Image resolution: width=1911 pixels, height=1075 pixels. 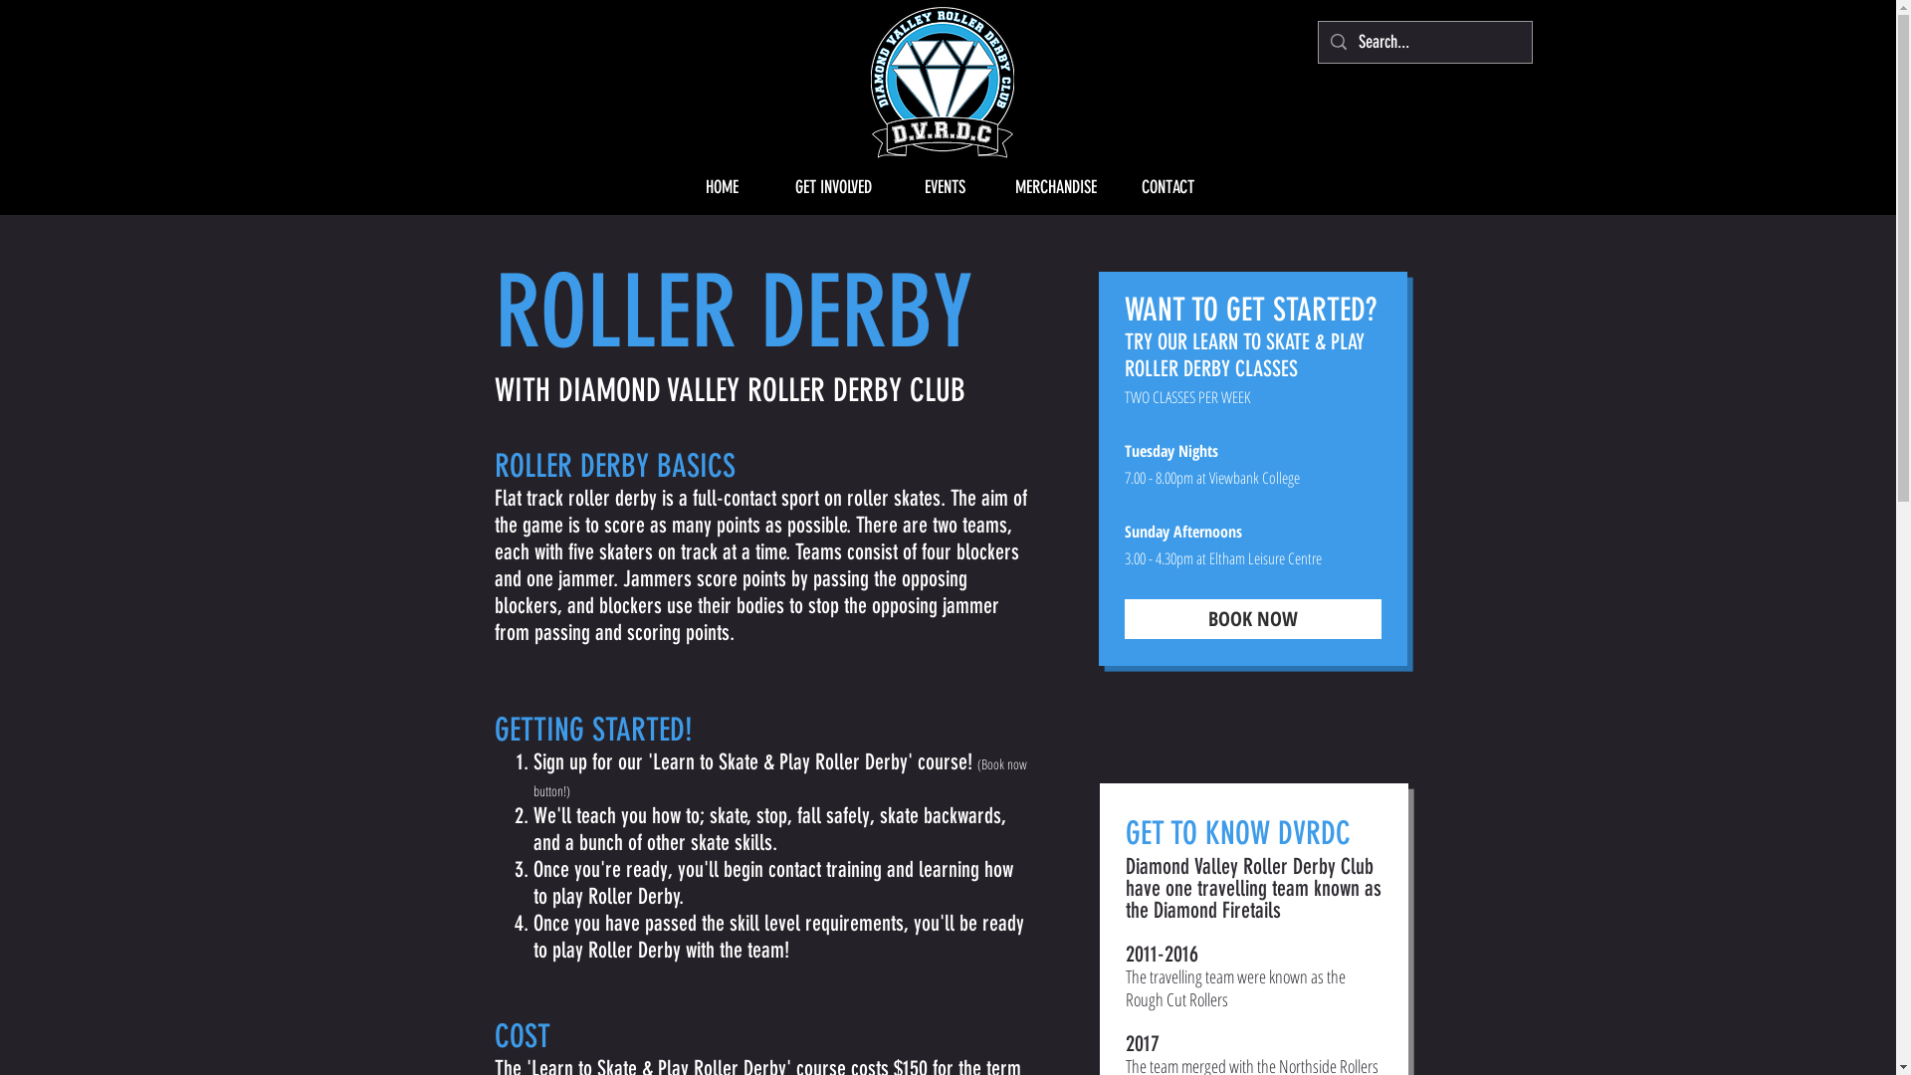 I want to click on 'GET INVOLVED', so click(x=832, y=187).